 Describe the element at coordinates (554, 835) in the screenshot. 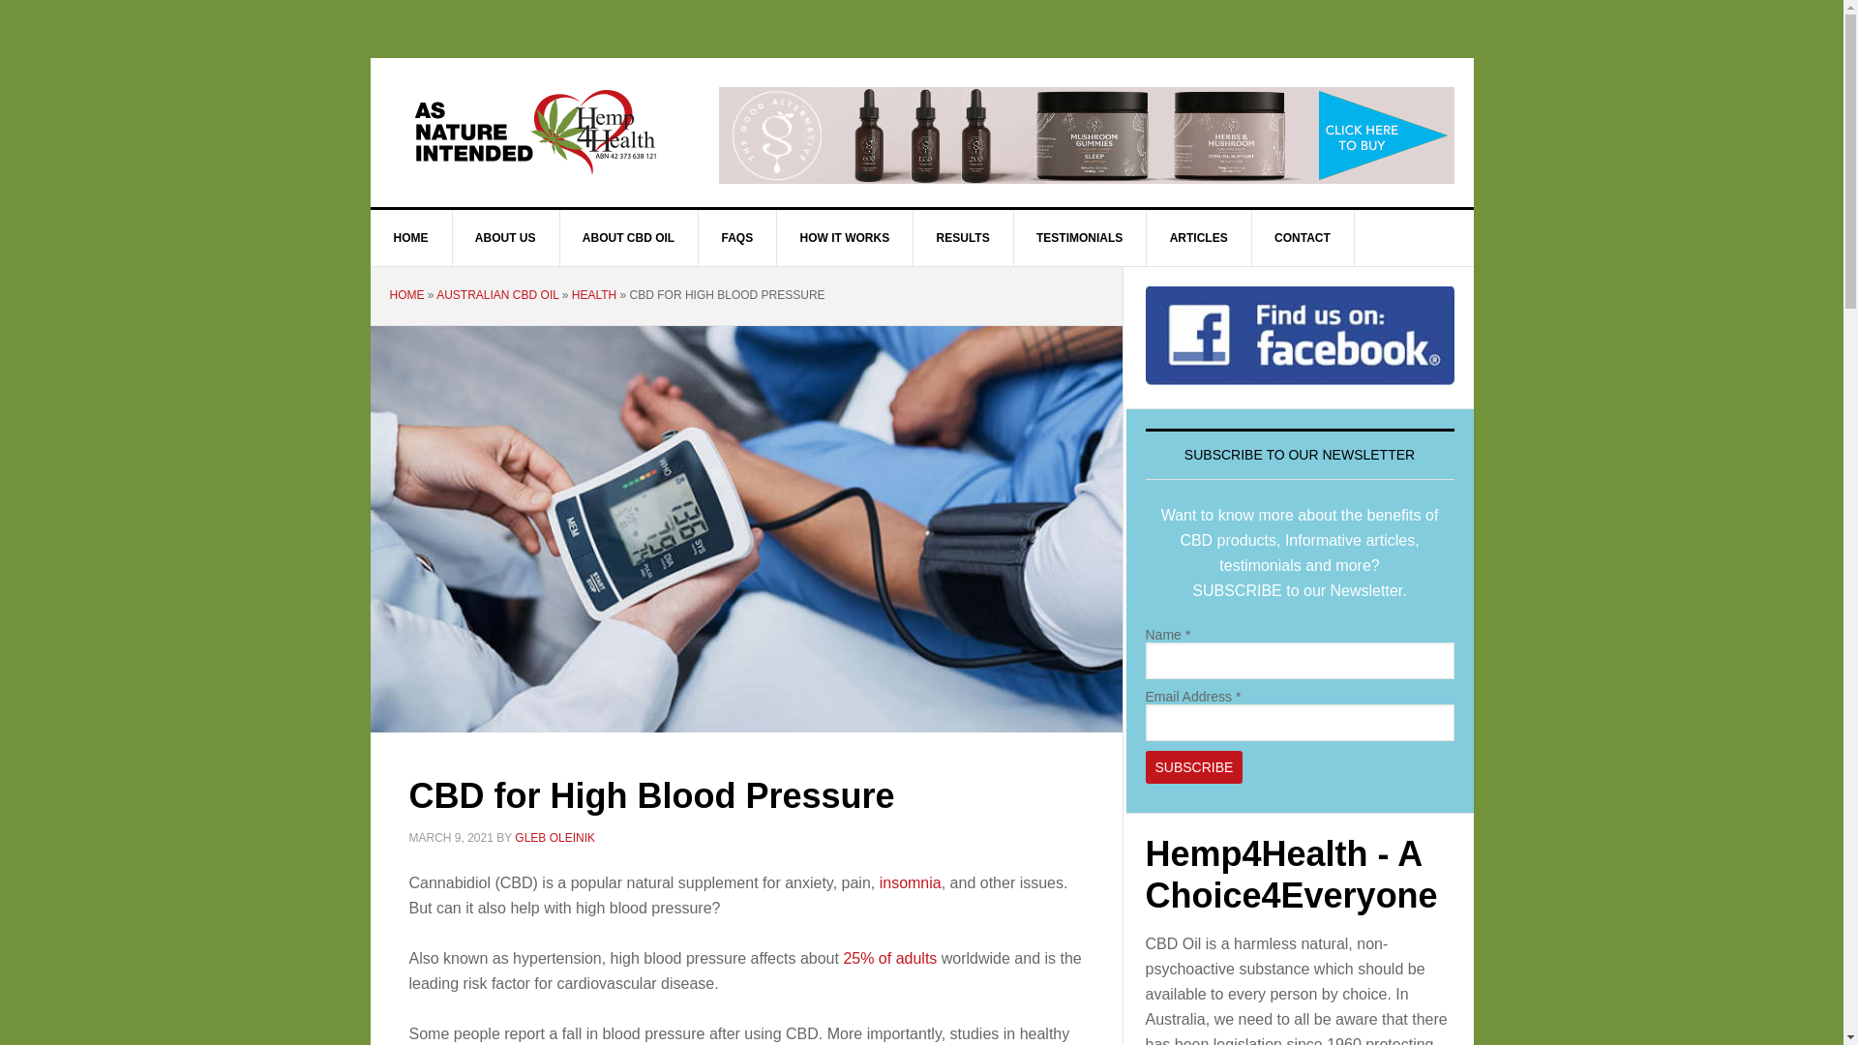

I see `'GLEB OLEINIK'` at that location.